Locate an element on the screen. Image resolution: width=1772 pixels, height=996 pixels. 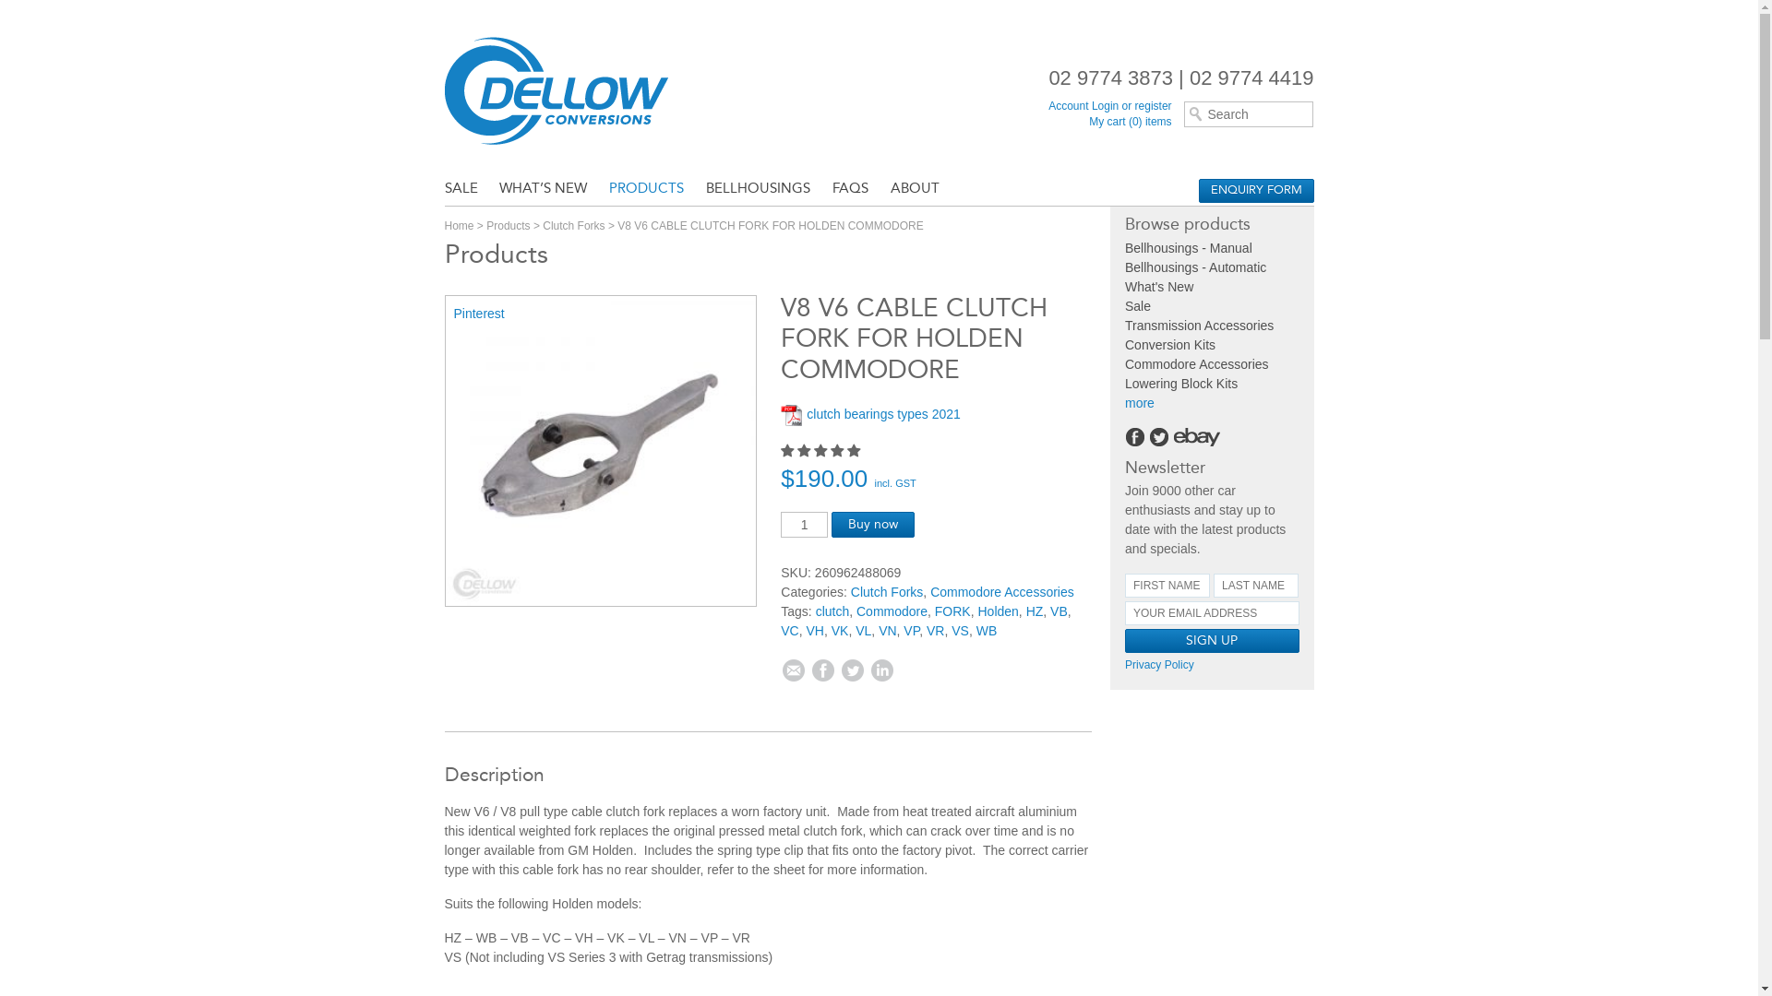
'VS' is located at coordinates (960, 629).